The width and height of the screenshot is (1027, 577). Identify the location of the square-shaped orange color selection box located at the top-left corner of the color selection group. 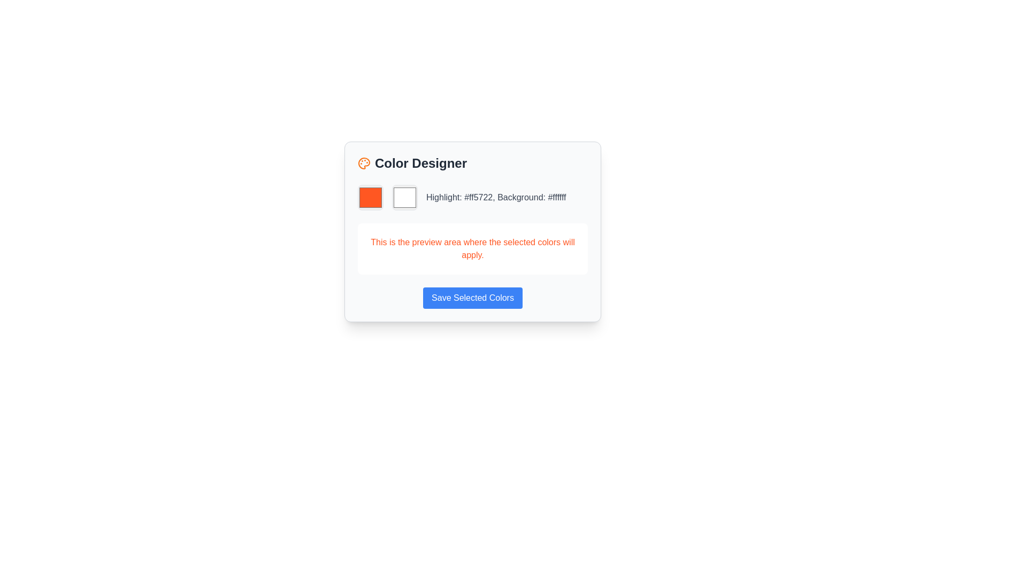
(370, 198).